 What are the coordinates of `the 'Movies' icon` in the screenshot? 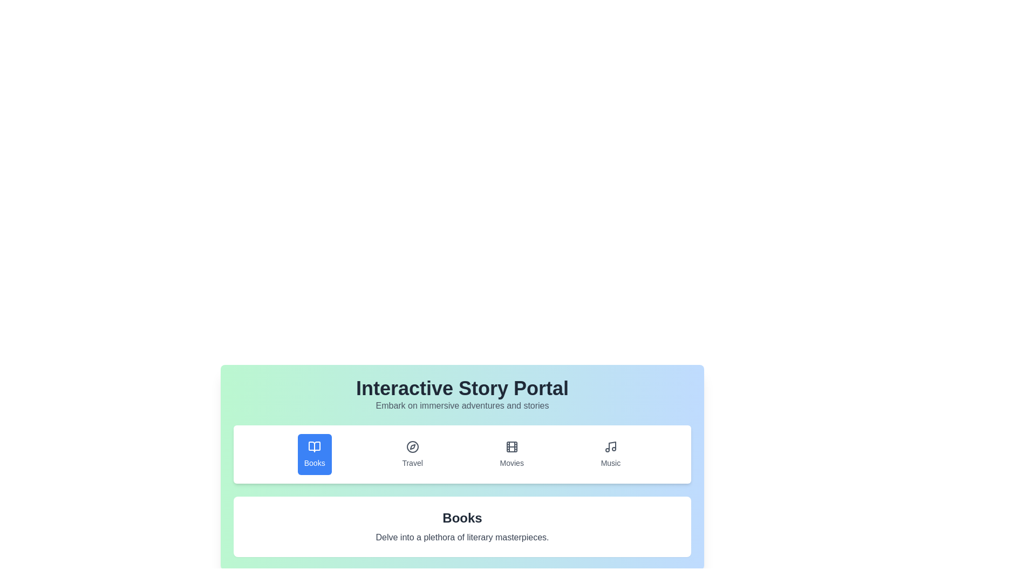 It's located at (511, 447).